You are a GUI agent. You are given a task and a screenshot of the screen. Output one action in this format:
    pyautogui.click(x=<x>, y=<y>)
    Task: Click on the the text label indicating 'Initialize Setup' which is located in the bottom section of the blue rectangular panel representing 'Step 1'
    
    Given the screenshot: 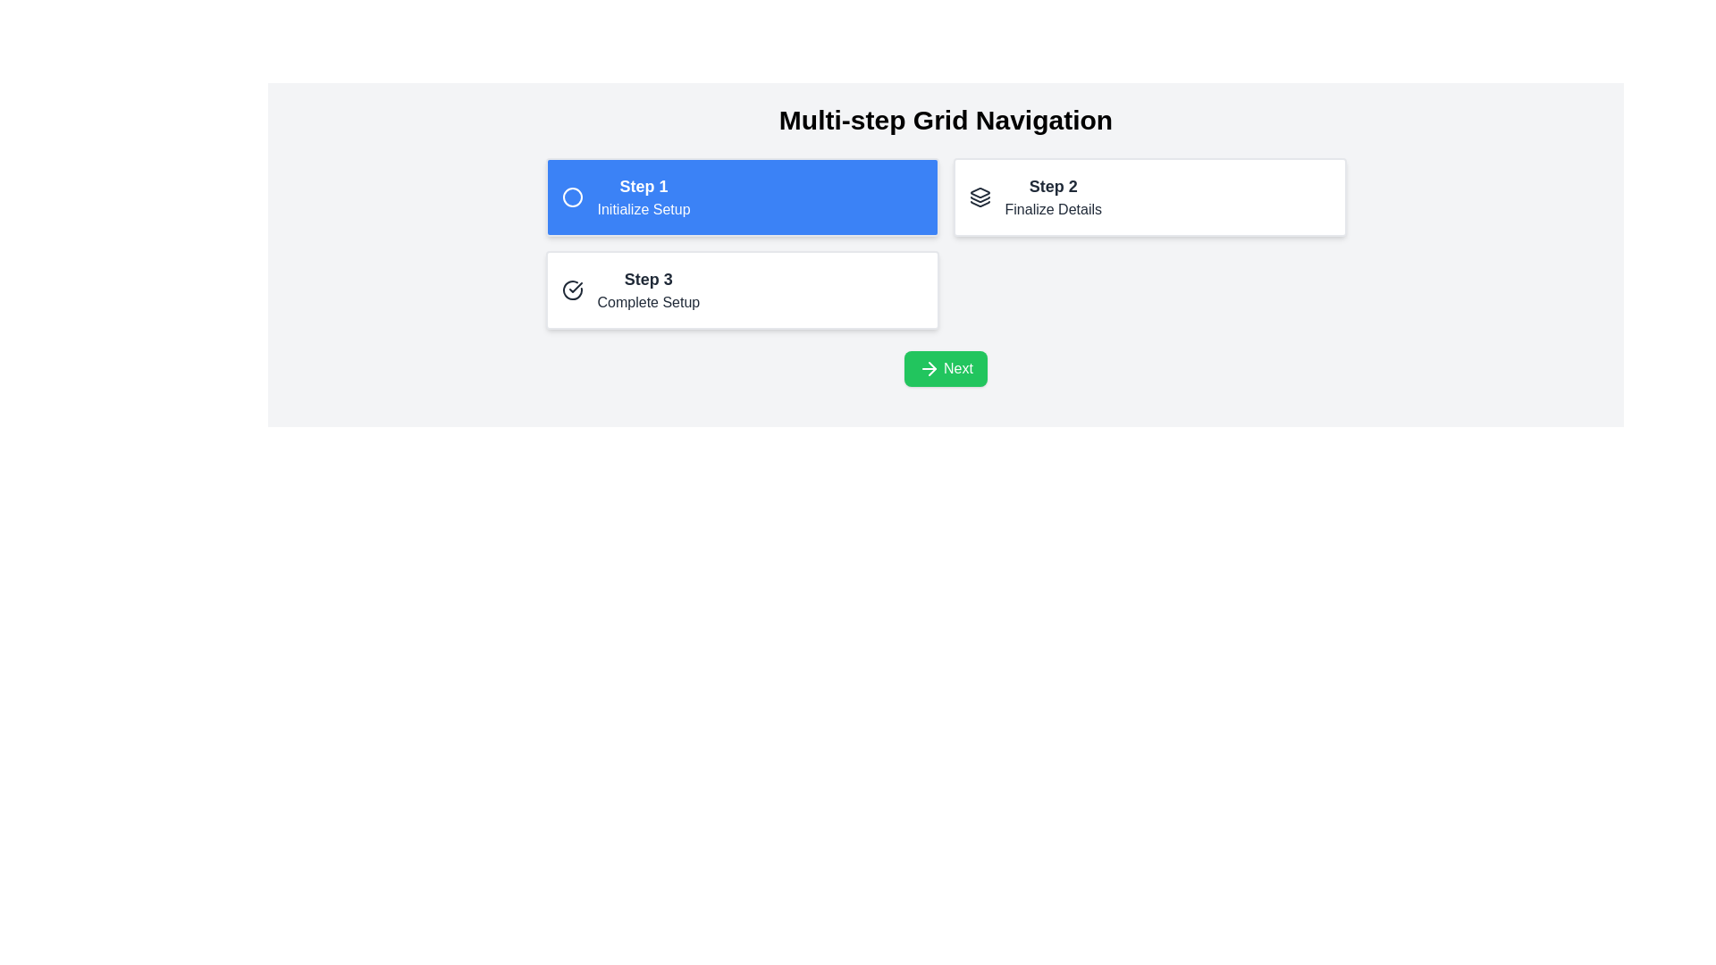 What is the action you would take?
    pyautogui.click(x=643, y=209)
    